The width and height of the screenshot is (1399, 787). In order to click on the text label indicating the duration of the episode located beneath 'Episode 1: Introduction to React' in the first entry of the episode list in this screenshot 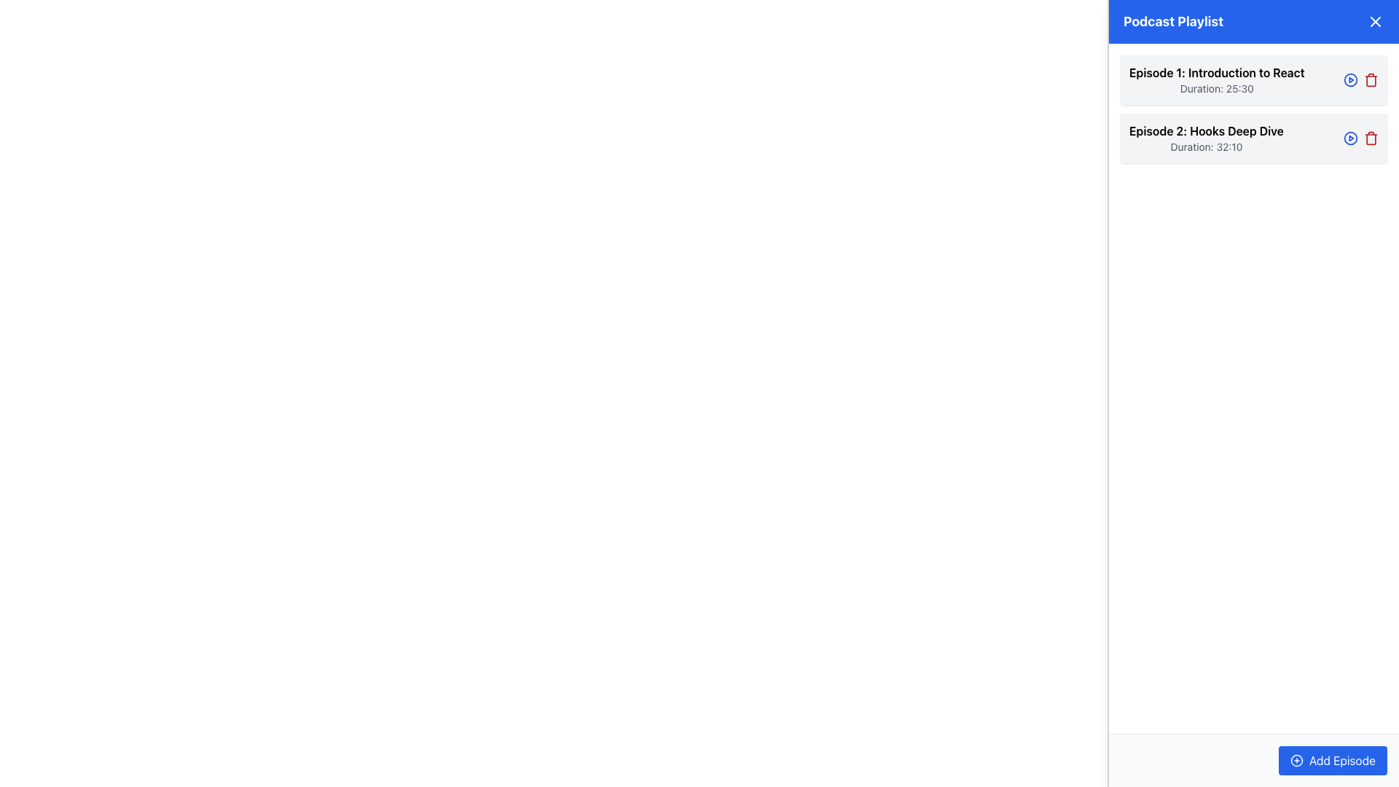, I will do `click(1217, 89)`.